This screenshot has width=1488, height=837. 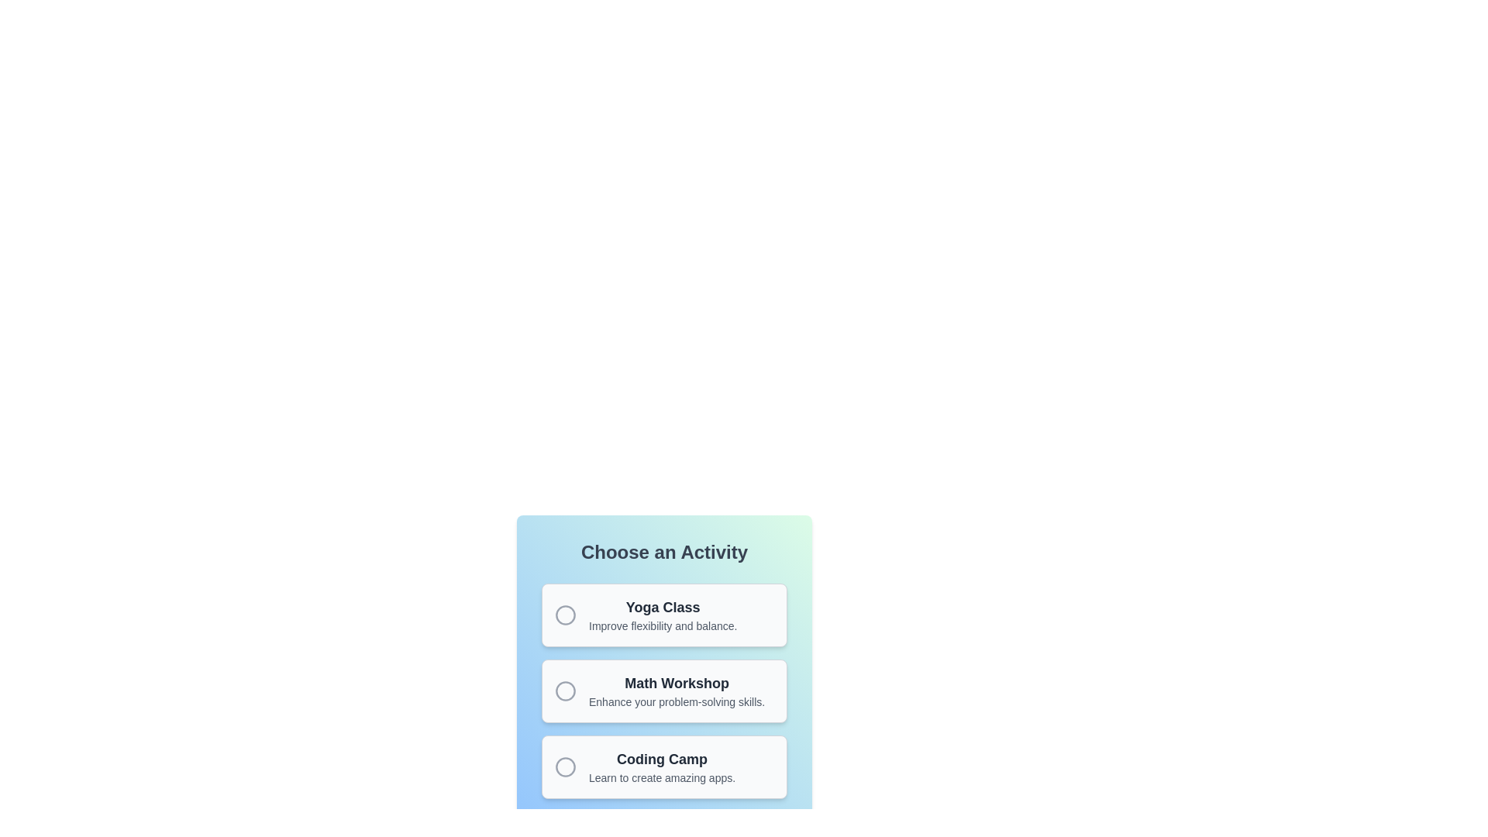 What do you see at coordinates (677, 690) in the screenshot?
I see `the 'Math Workshop' informational block located in the second item of the vertical list of cards beneath the 'Choose an Activity' header` at bounding box center [677, 690].